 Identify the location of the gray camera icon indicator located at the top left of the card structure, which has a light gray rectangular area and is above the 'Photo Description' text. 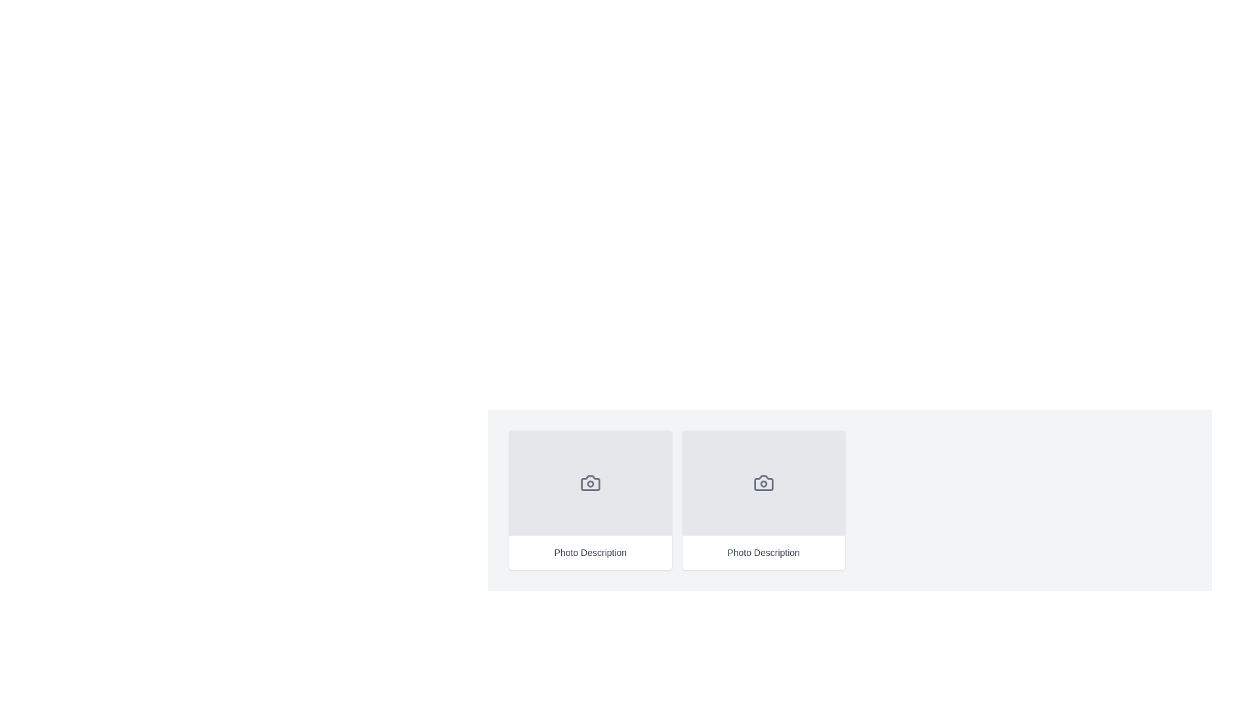
(589, 483).